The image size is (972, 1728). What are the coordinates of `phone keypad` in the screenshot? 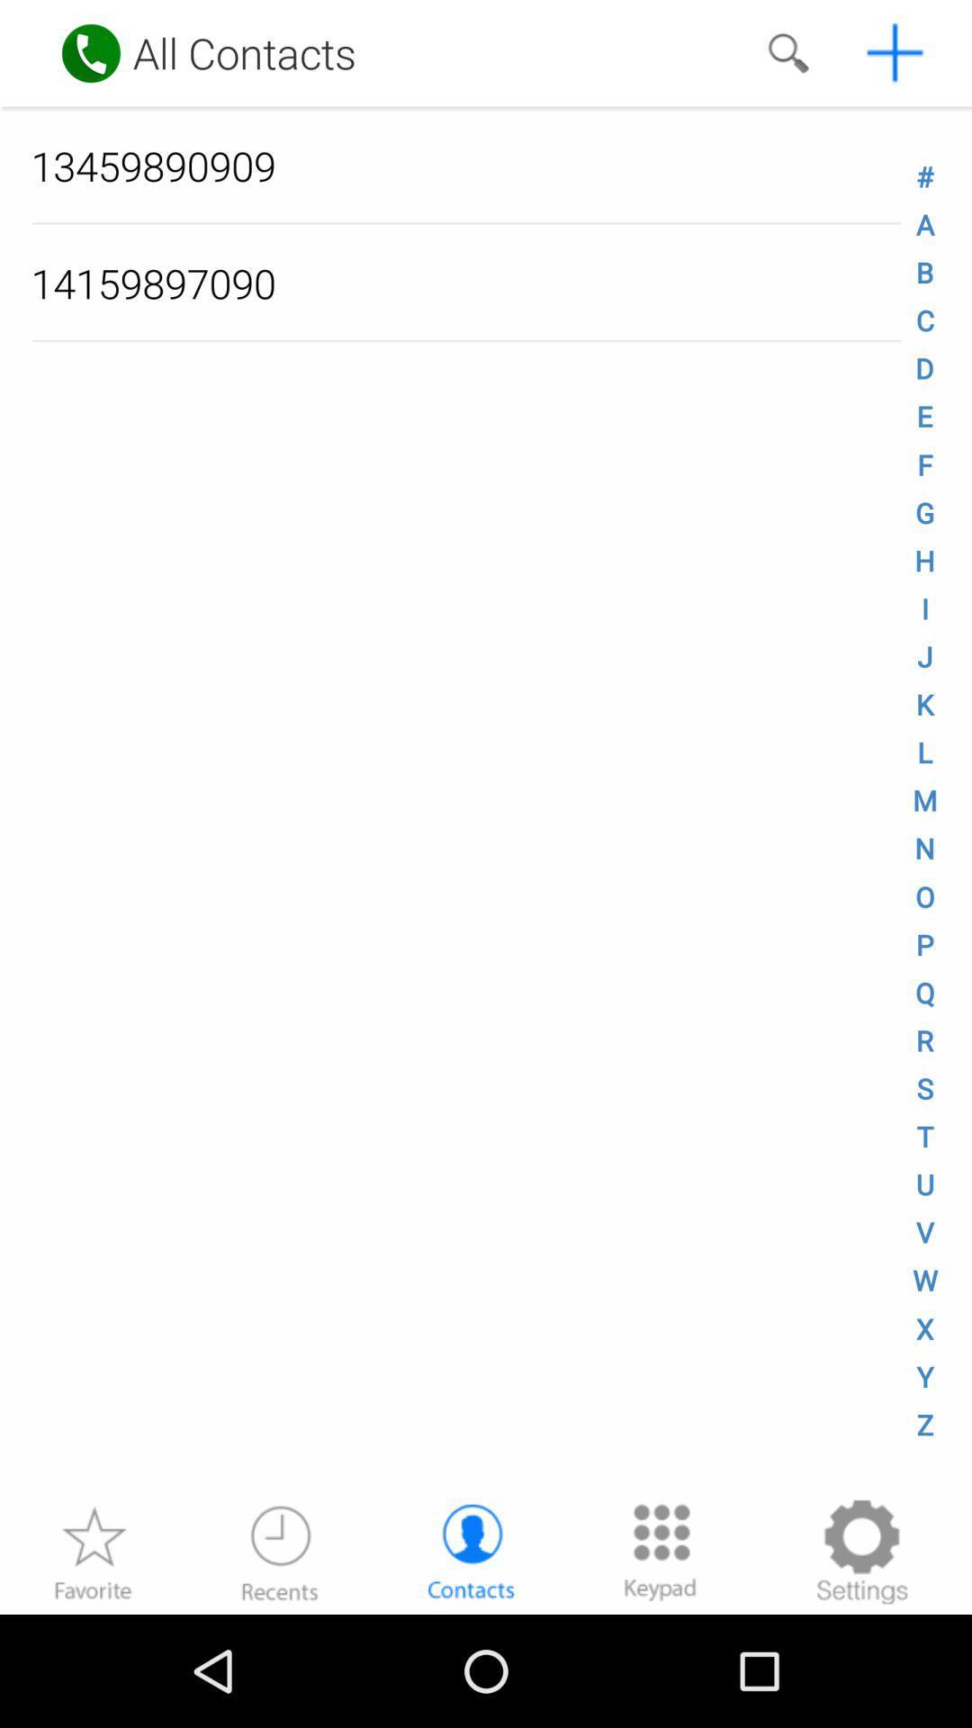 It's located at (660, 1551).